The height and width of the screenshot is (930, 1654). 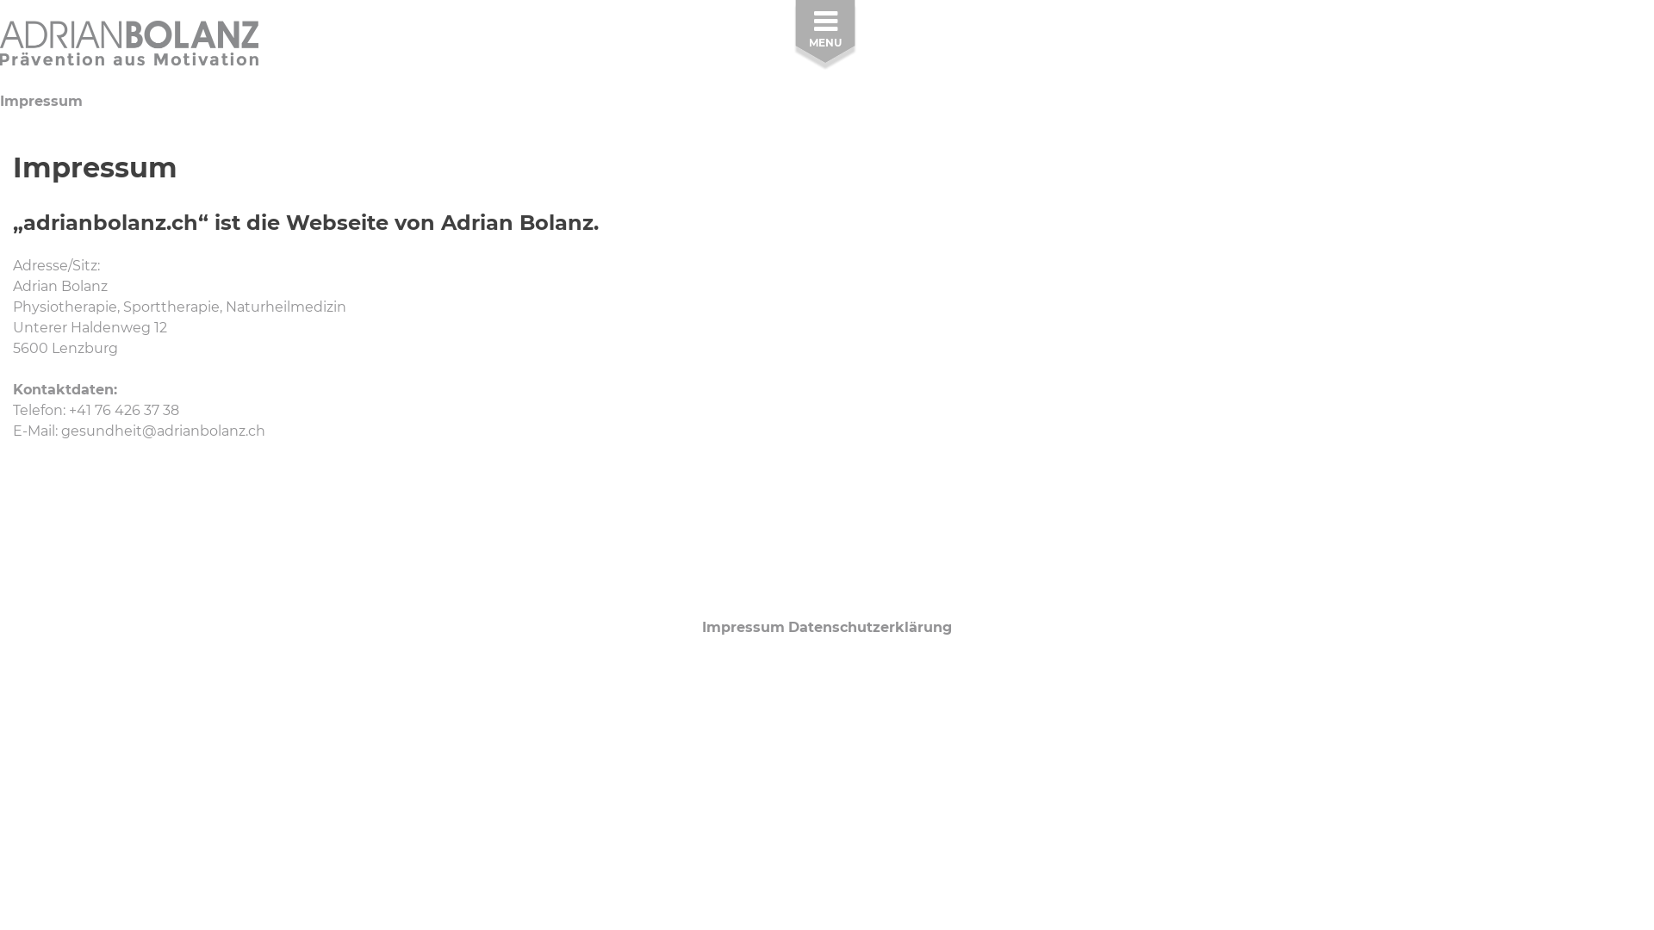 I want to click on 'Impressum', so click(x=743, y=627).